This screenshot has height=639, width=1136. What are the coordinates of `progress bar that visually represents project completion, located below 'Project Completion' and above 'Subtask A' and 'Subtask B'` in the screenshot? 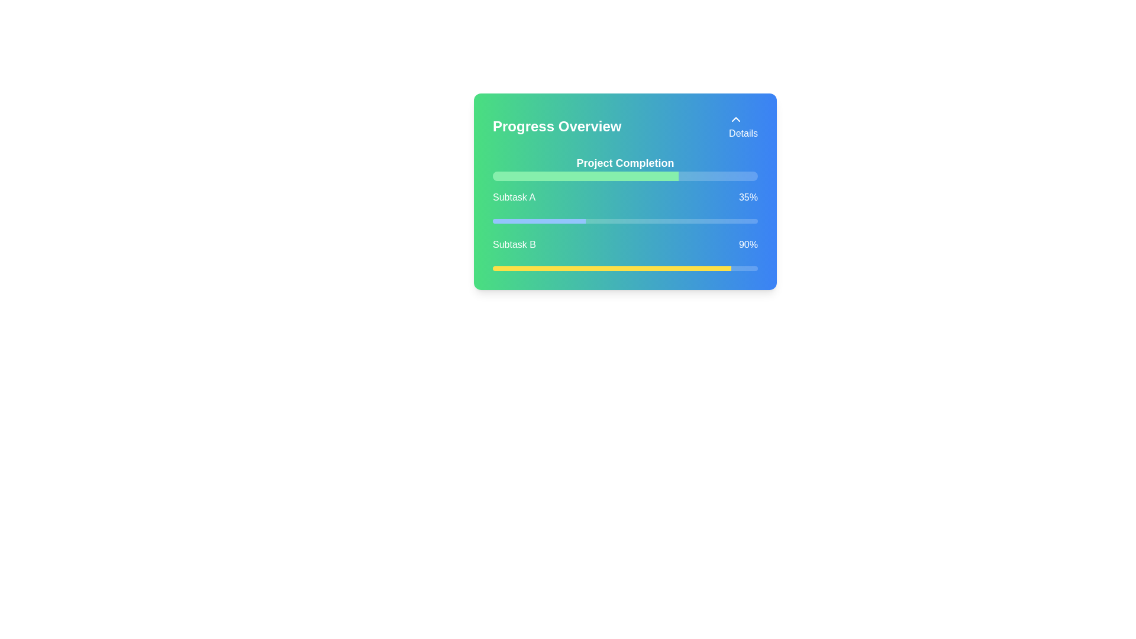 It's located at (624, 176).